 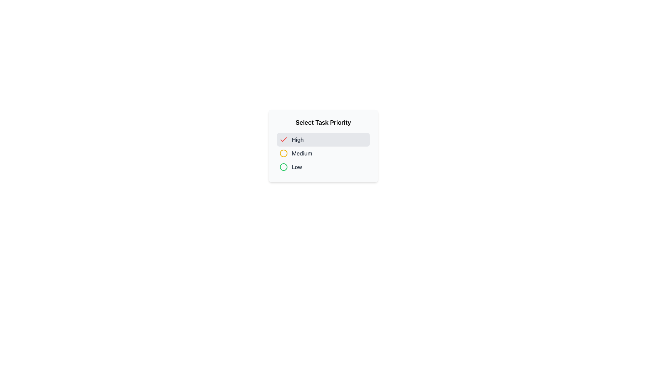 What do you see at coordinates (297, 167) in the screenshot?
I see `the static text label indicating the low priority level in the 'Select Task Priority' dialog box` at bounding box center [297, 167].